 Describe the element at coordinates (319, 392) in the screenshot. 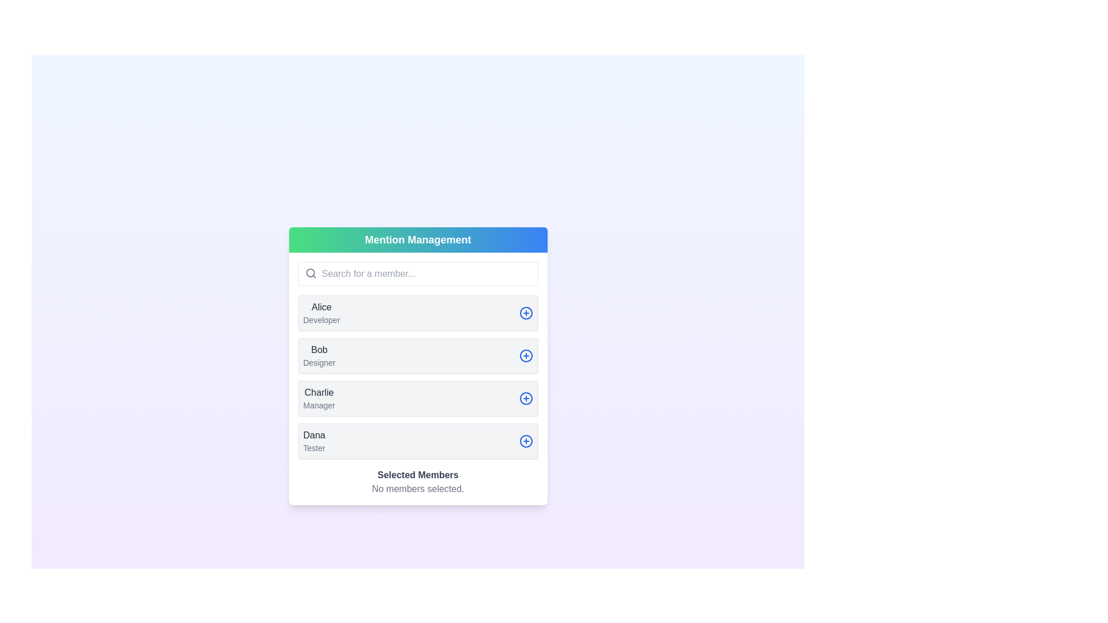

I see `the member's name displayed as the first textual element in the third card of the user management interface` at that location.